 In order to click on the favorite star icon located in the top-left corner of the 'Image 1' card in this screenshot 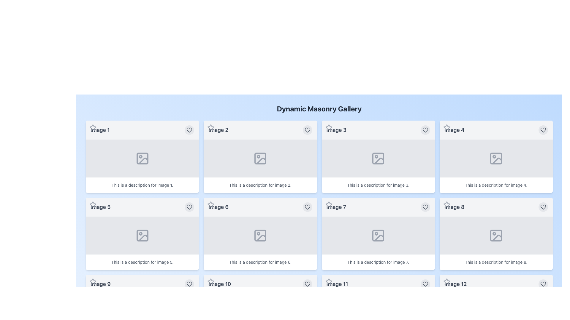, I will do `click(92, 127)`.